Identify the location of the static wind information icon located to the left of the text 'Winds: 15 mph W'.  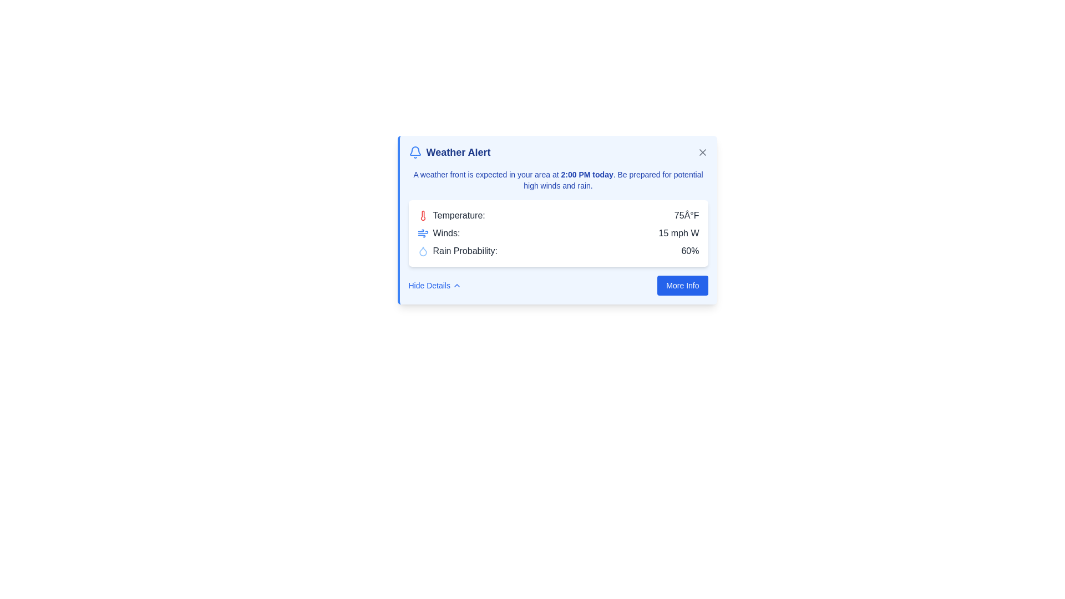
(422, 232).